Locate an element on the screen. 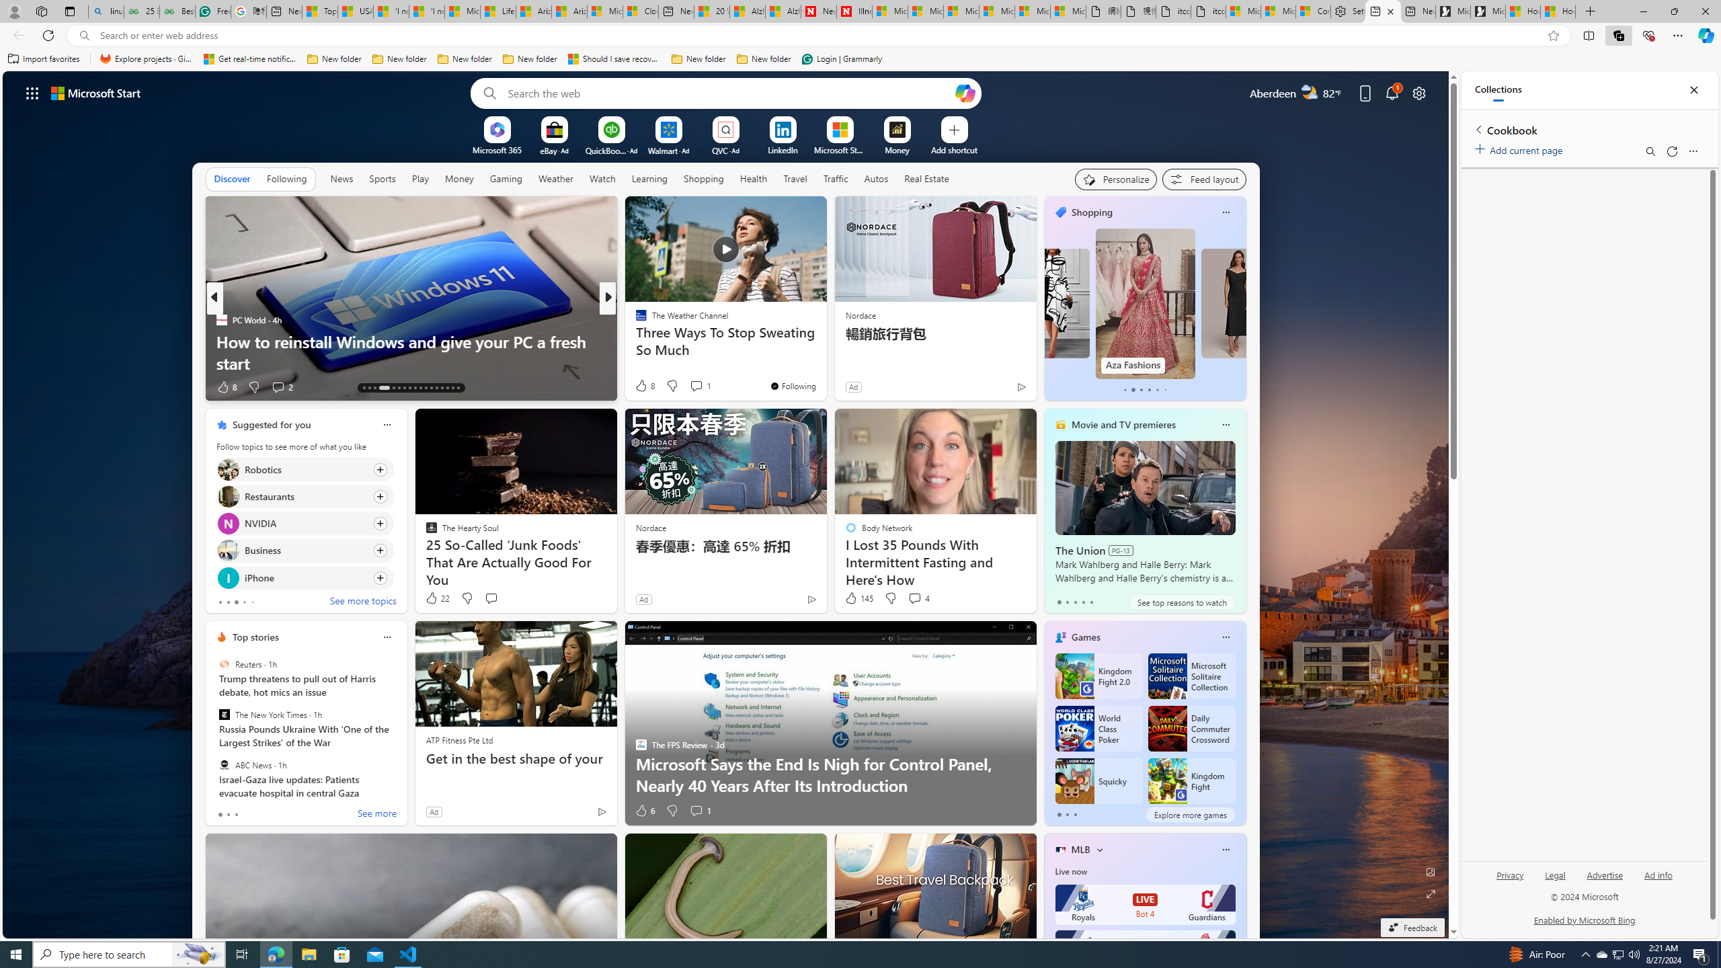 This screenshot has width=1721, height=968. 'Explore more games' is located at coordinates (1189, 813).